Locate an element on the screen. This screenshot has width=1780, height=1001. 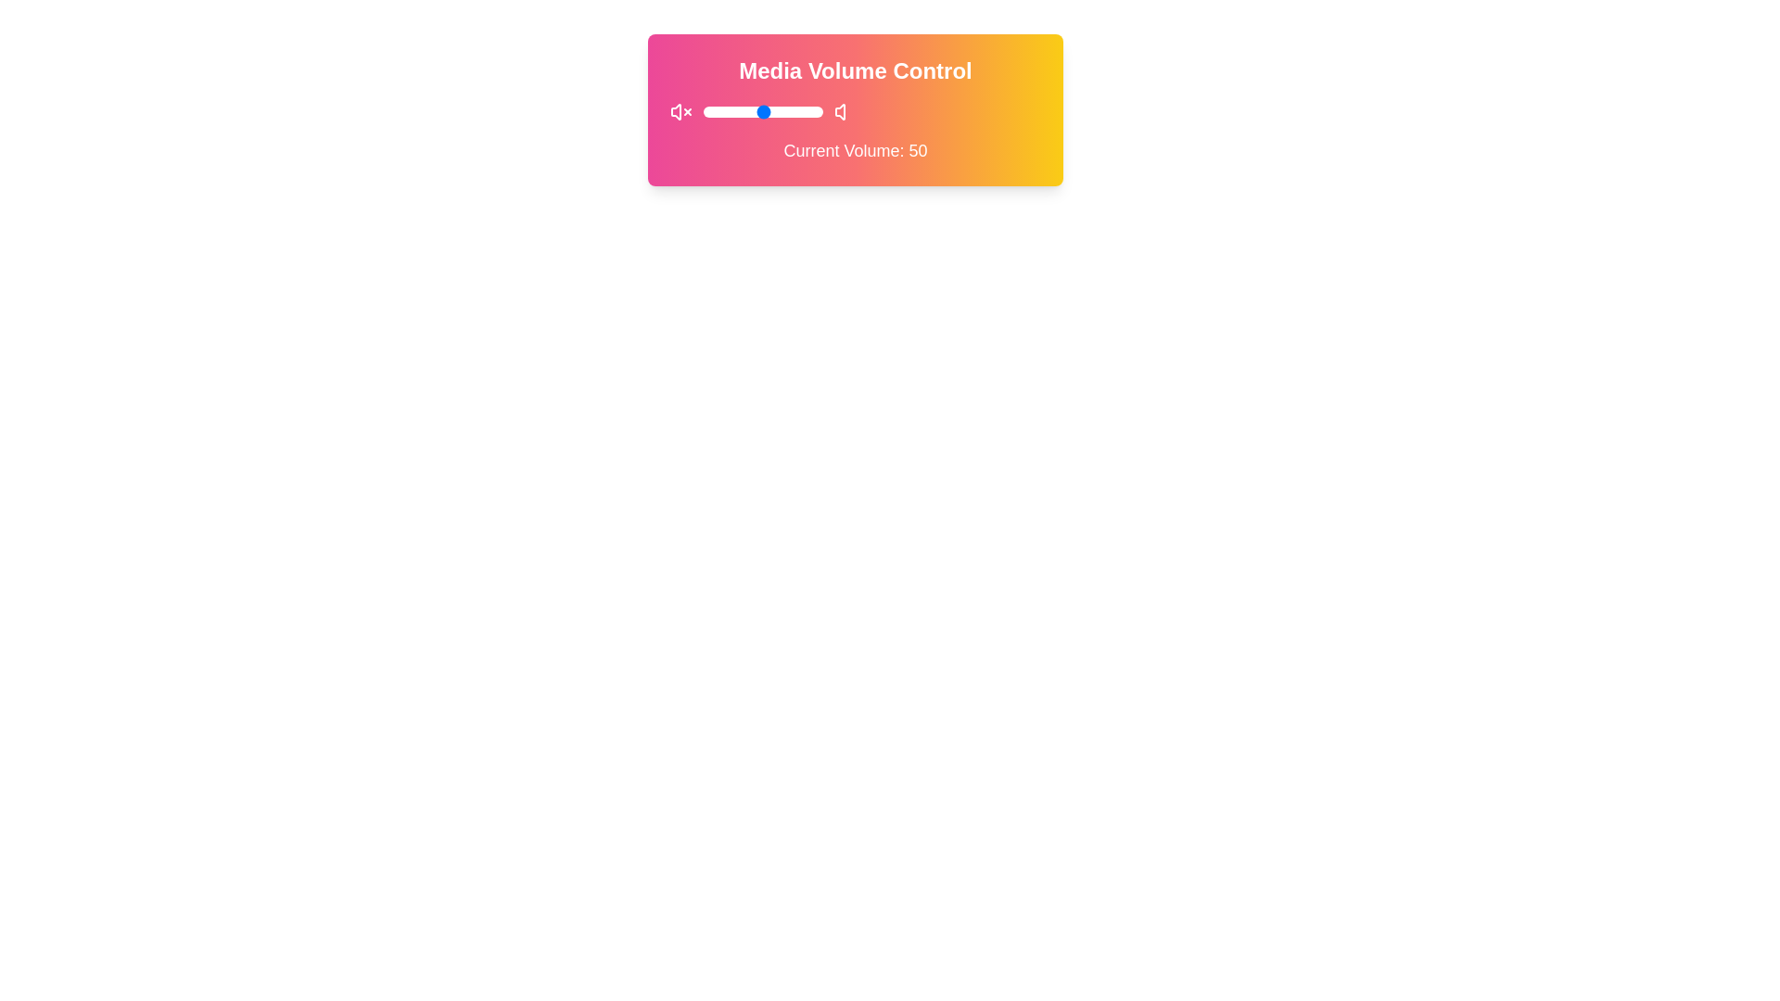
the volume to 99 by sliding the control is located at coordinates (820, 111).